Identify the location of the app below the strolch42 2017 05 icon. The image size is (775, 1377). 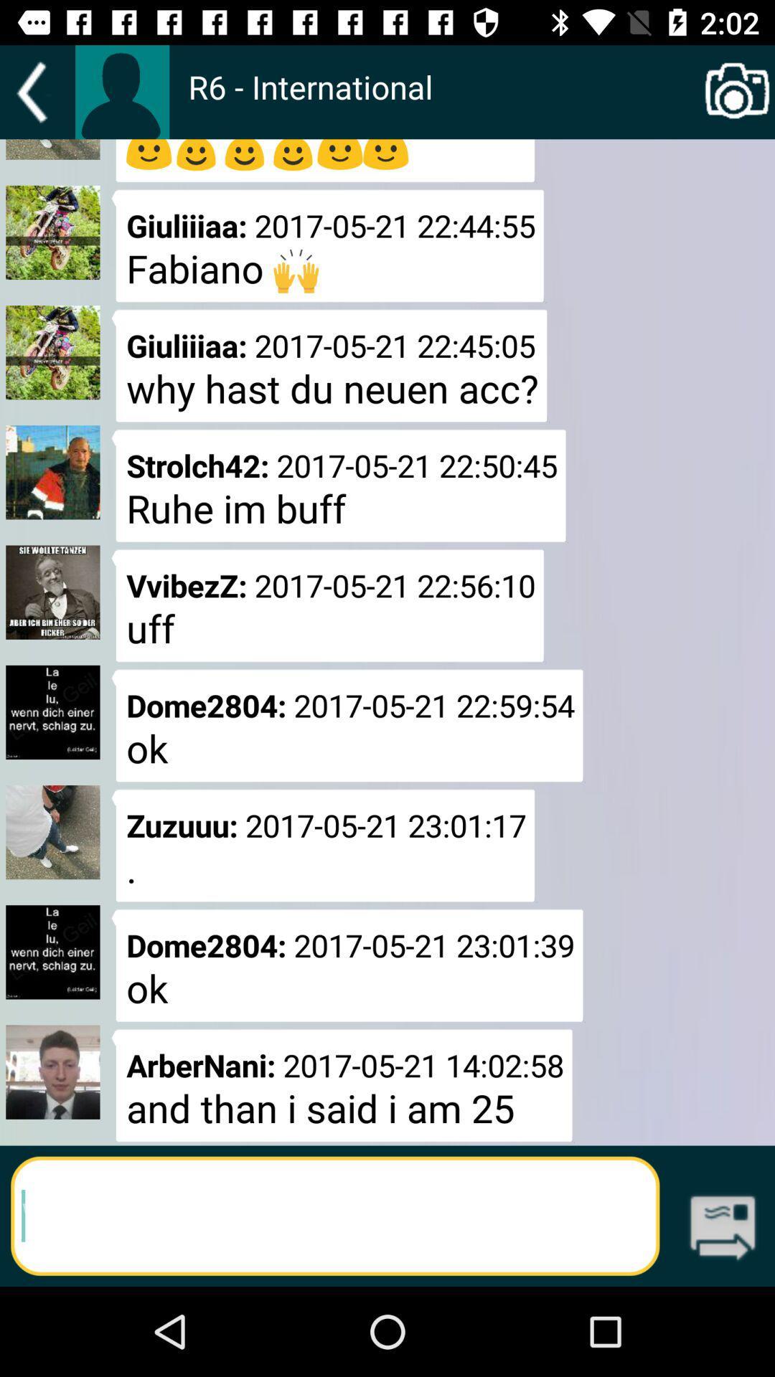
(328, 605).